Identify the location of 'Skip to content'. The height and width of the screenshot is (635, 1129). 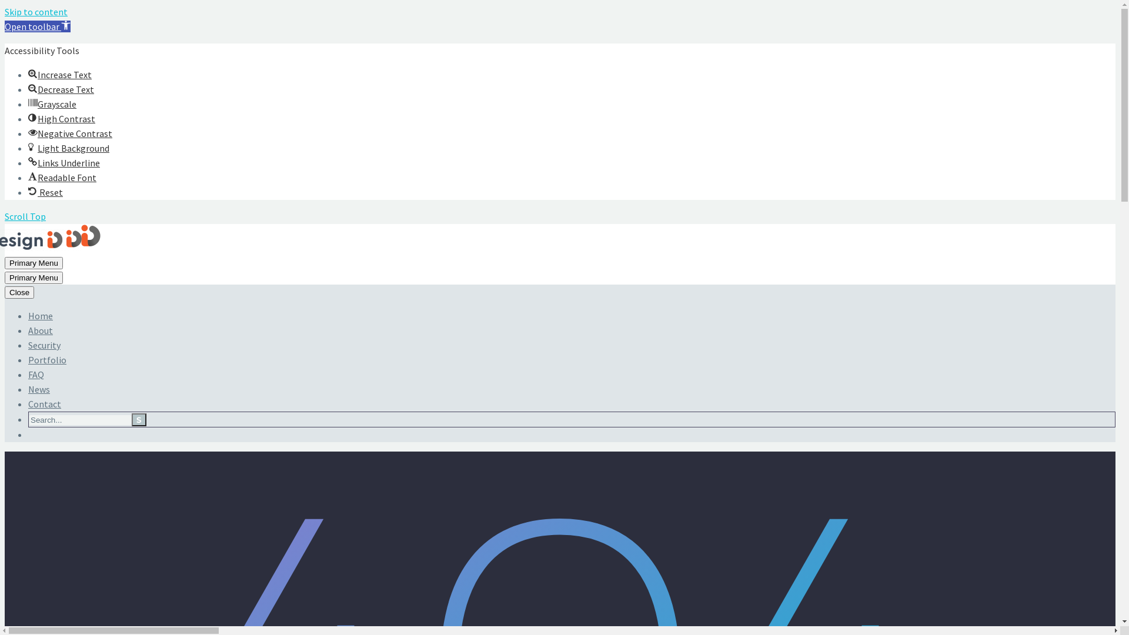
(36, 11).